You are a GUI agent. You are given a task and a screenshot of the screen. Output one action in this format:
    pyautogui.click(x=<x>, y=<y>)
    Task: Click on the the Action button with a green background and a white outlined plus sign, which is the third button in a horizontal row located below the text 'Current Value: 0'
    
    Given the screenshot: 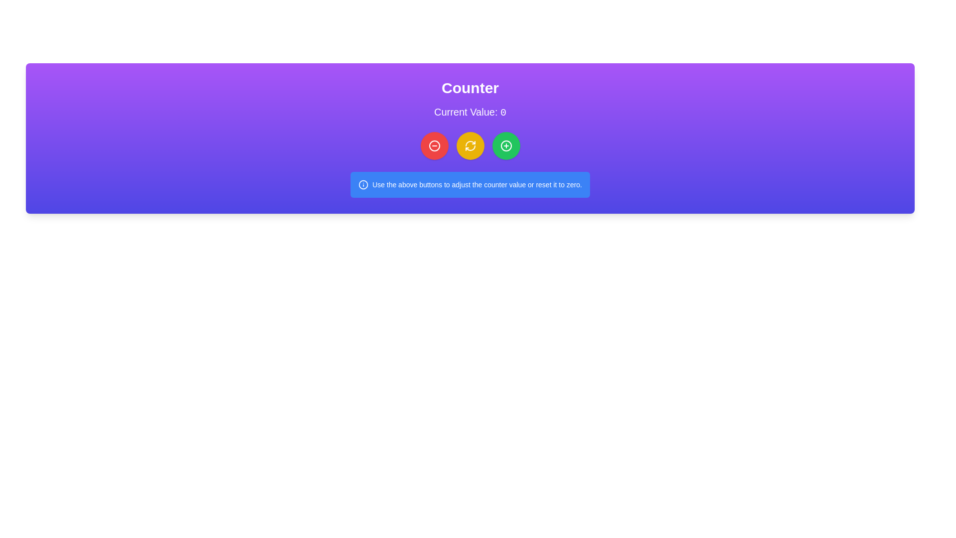 What is the action you would take?
    pyautogui.click(x=506, y=146)
    